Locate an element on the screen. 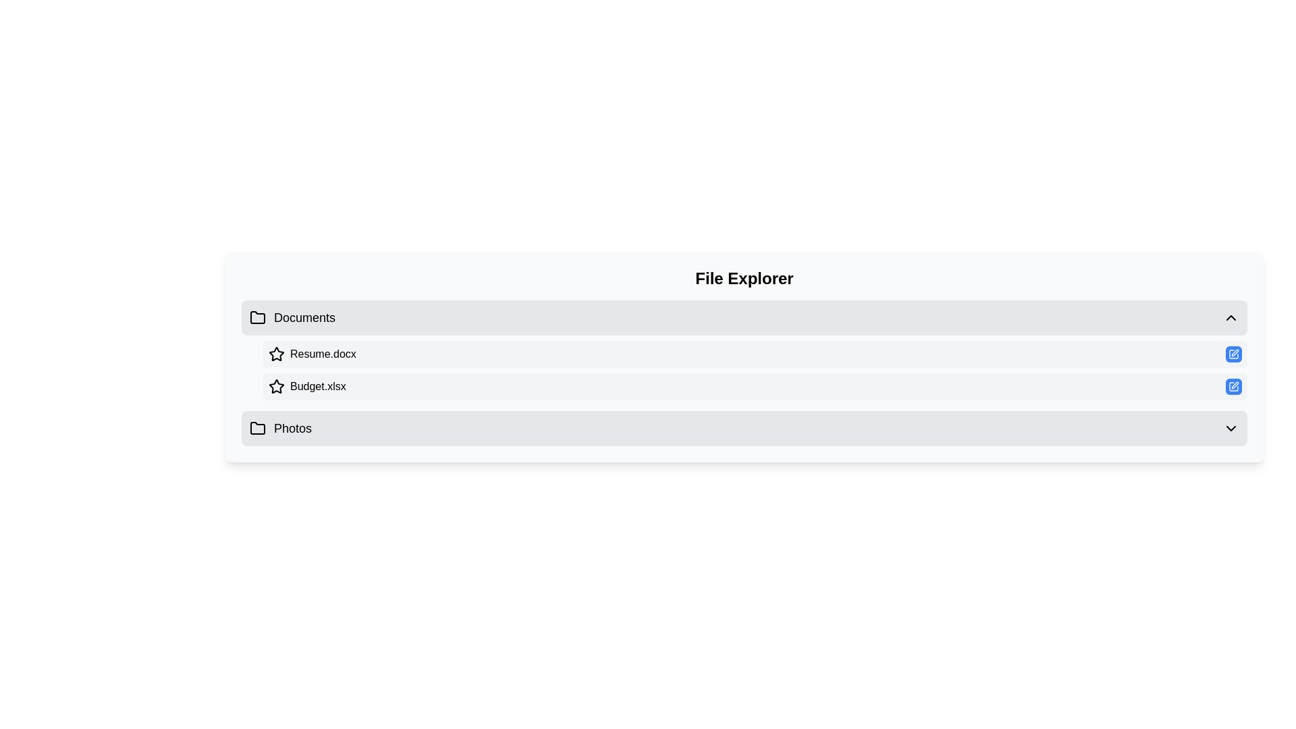 This screenshot has height=729, width=1296. the 'Documents' TextLabel with Icon, which features a bold font and a folder icon, positioned at the top of a vertical list in a file or folder listing interface is located at coordinates (292, 317).